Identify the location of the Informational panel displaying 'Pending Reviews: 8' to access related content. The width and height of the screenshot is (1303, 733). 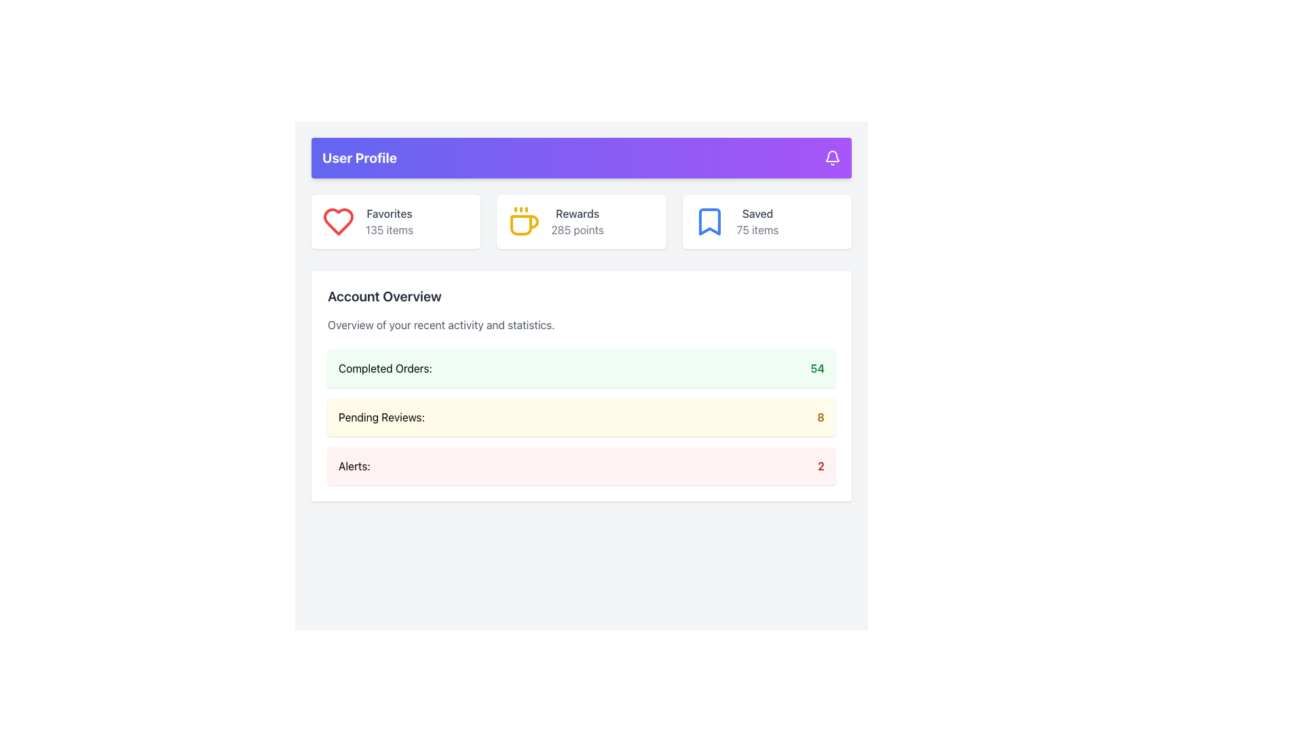
(582, 416).